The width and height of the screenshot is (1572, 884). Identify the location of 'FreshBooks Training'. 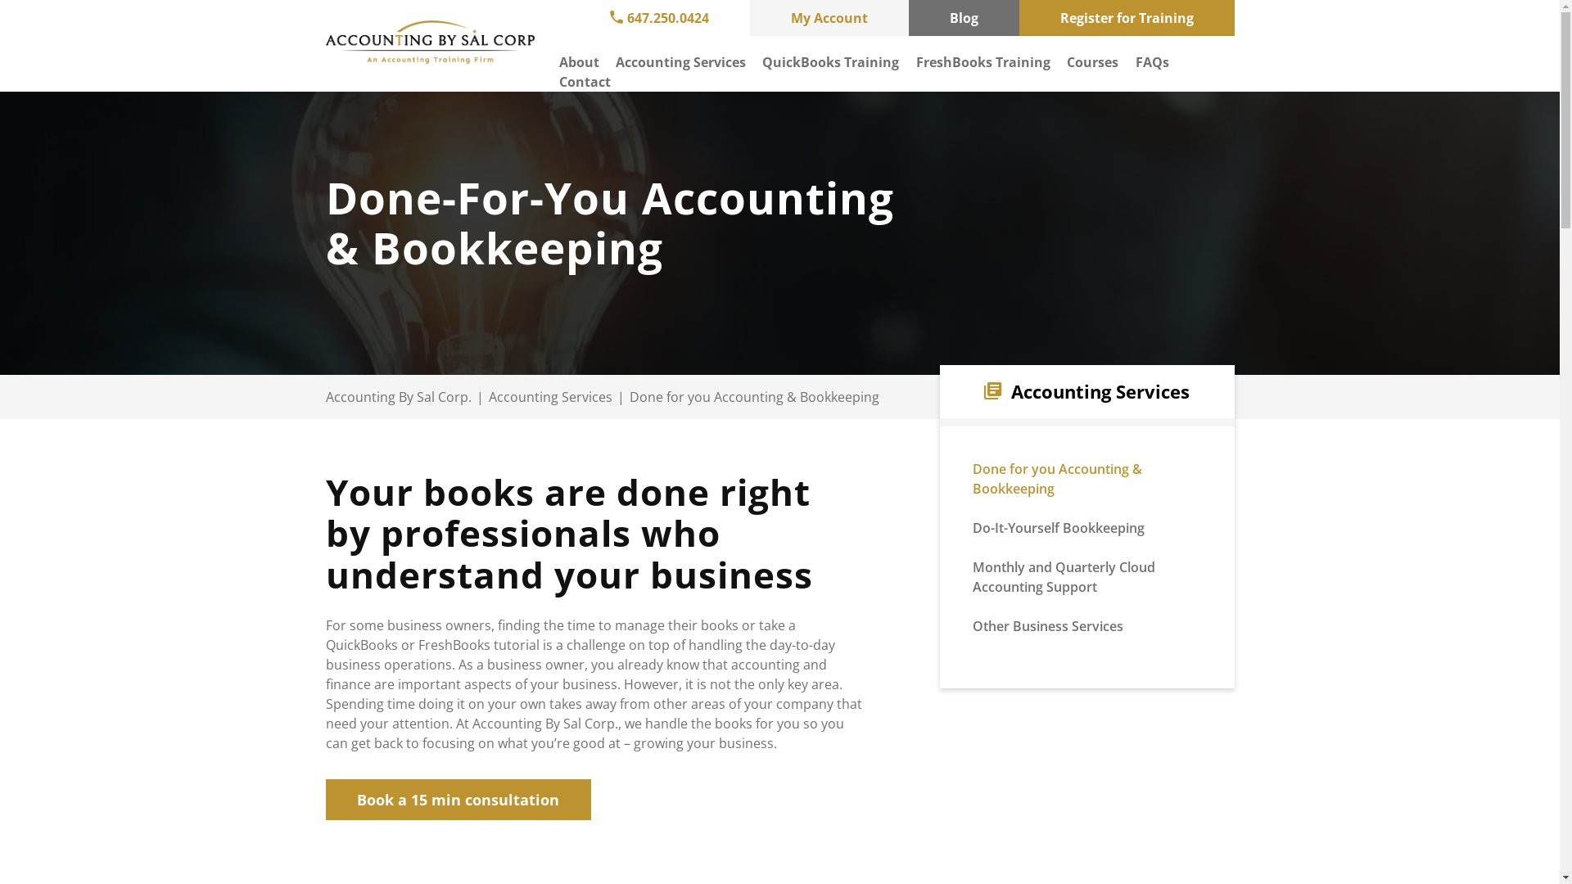
(982, 61).